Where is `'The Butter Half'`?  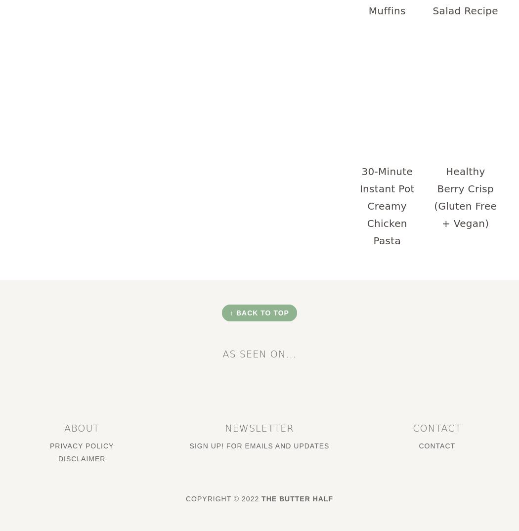
'The Butter Half' is located at coordinates (297, 497).